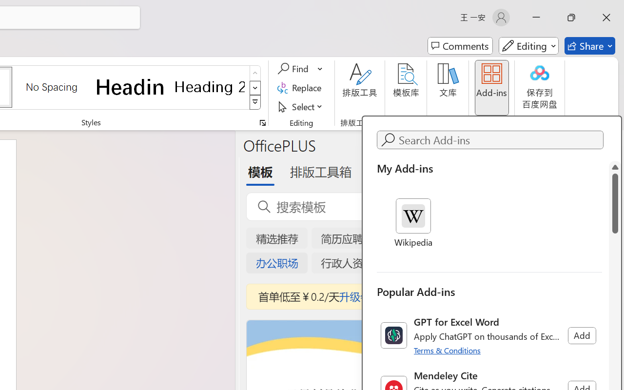 The height and width of the screenshot is (390, 624). What do you see at coordinates (301, 106) in the screenshot?
I see `'Select'` at bounding box center [301, 106].